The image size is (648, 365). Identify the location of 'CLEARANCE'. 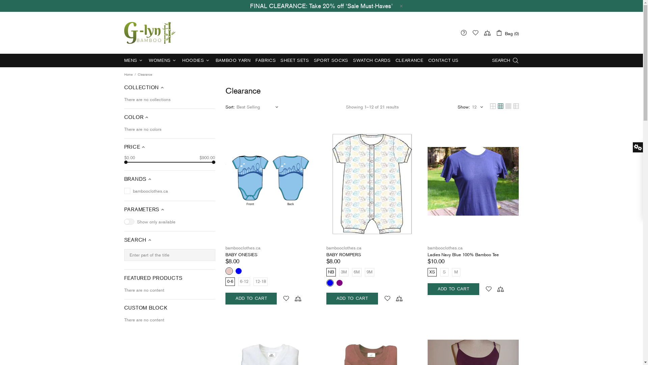
(409, 60).